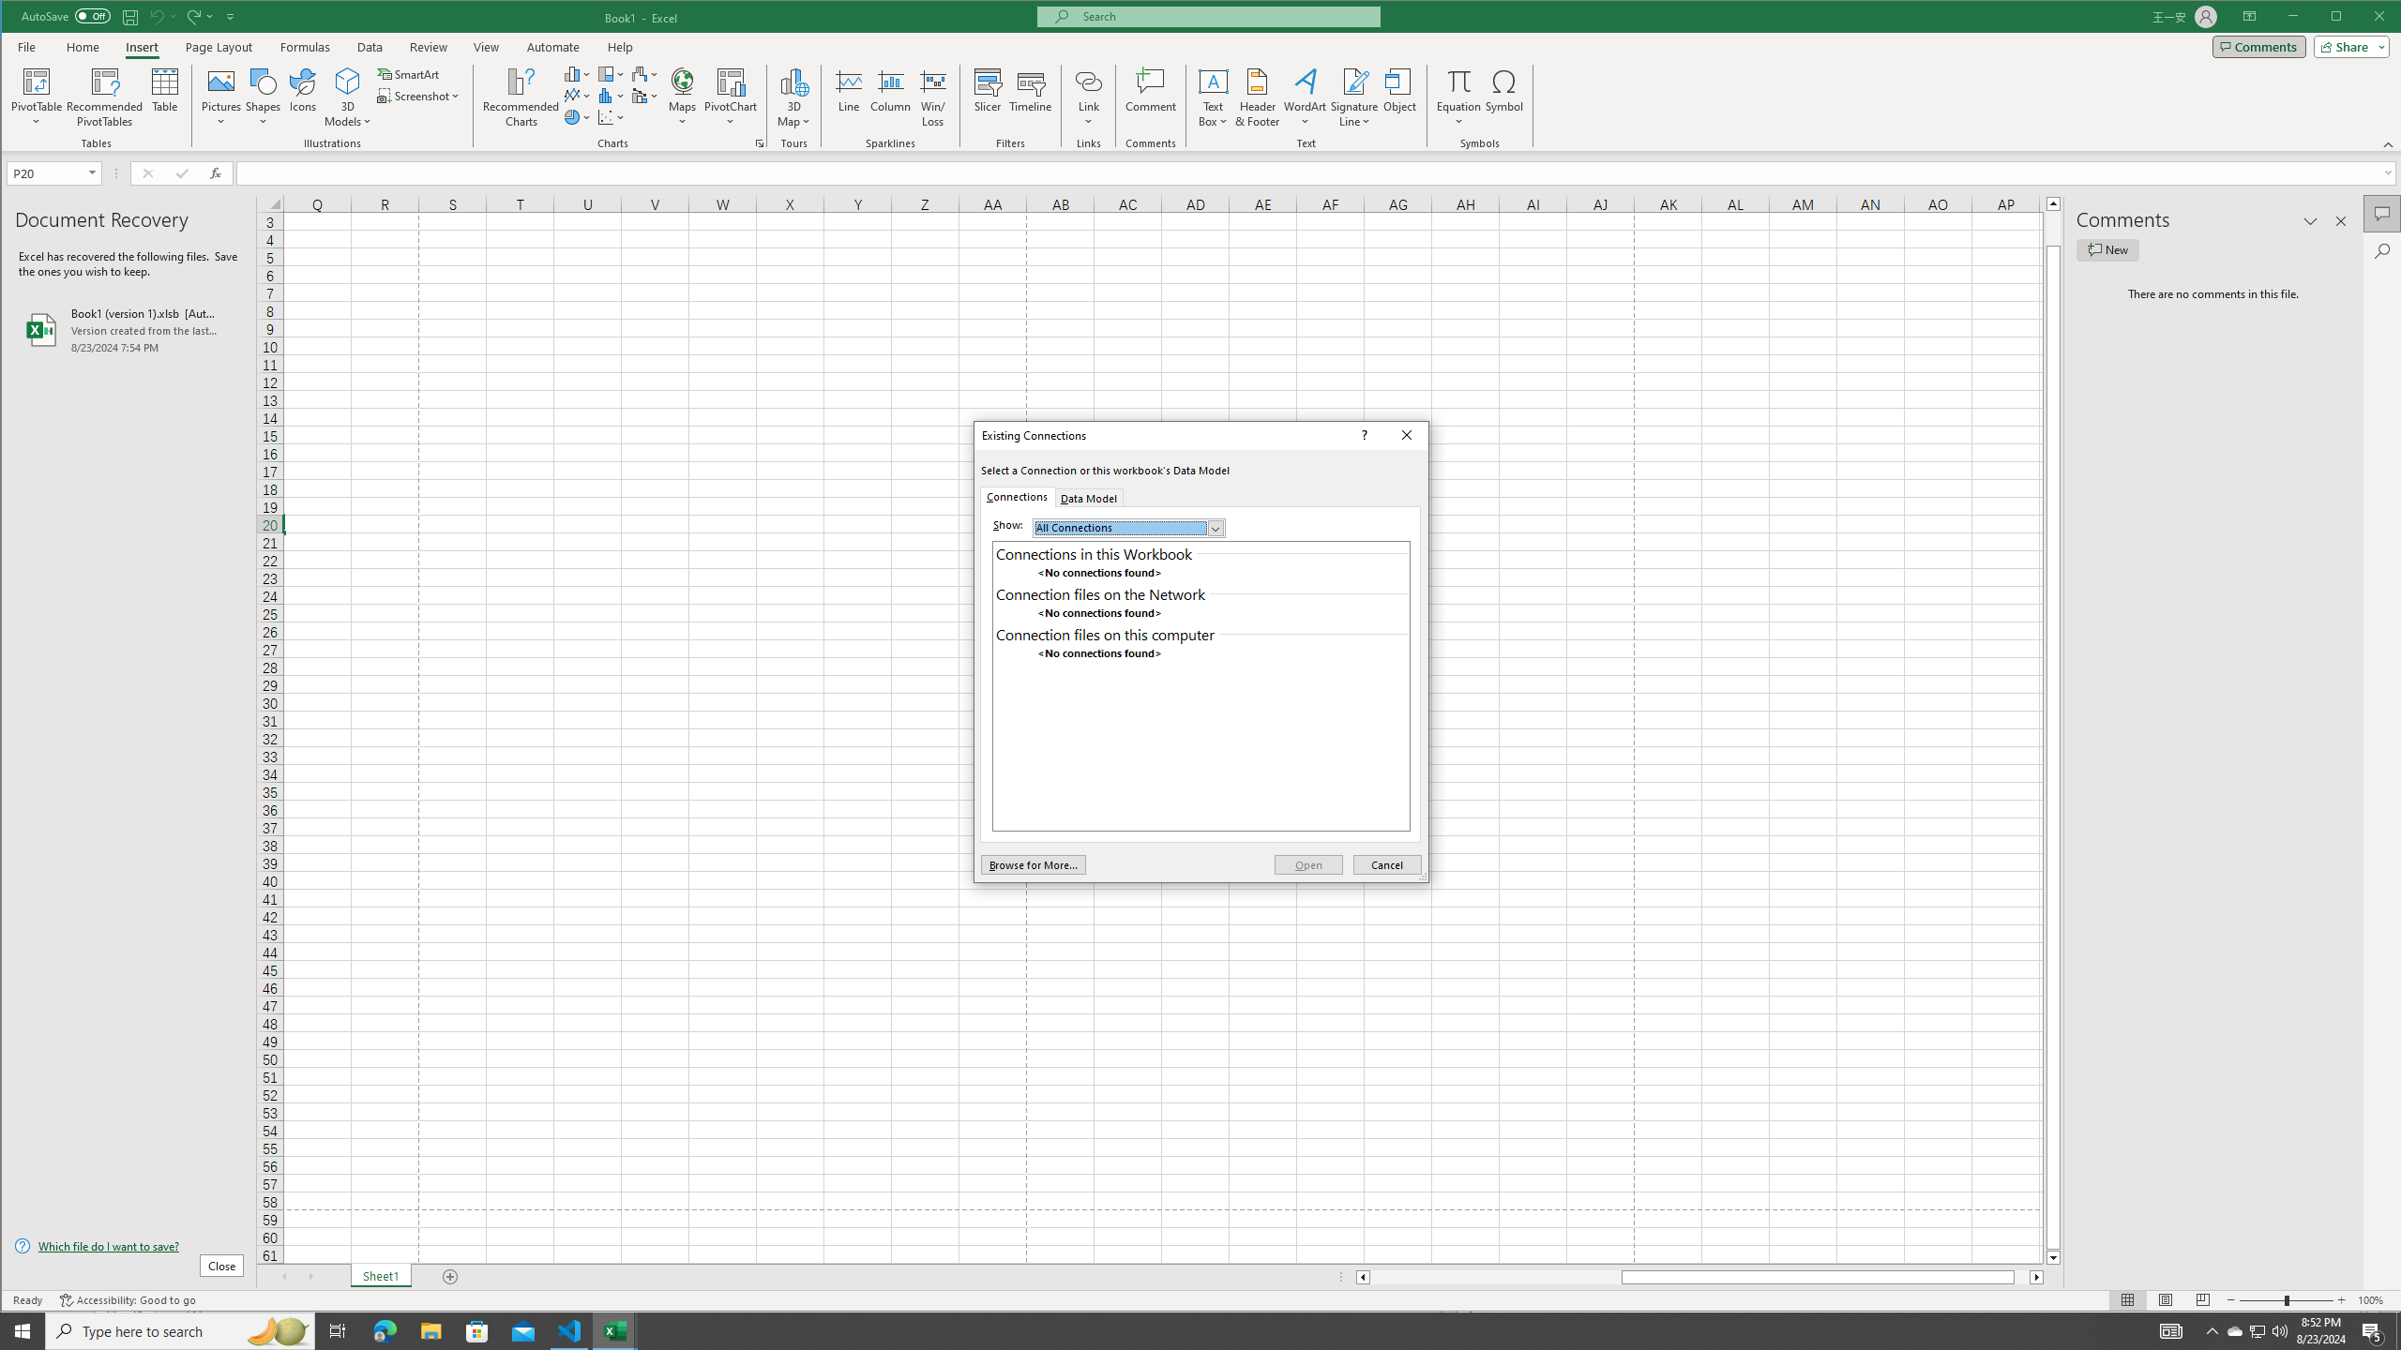 The width and height of the screenshot is (2401, 1350). I want to click on 'Customize Quick Access Toolbar', so click(231, 15).